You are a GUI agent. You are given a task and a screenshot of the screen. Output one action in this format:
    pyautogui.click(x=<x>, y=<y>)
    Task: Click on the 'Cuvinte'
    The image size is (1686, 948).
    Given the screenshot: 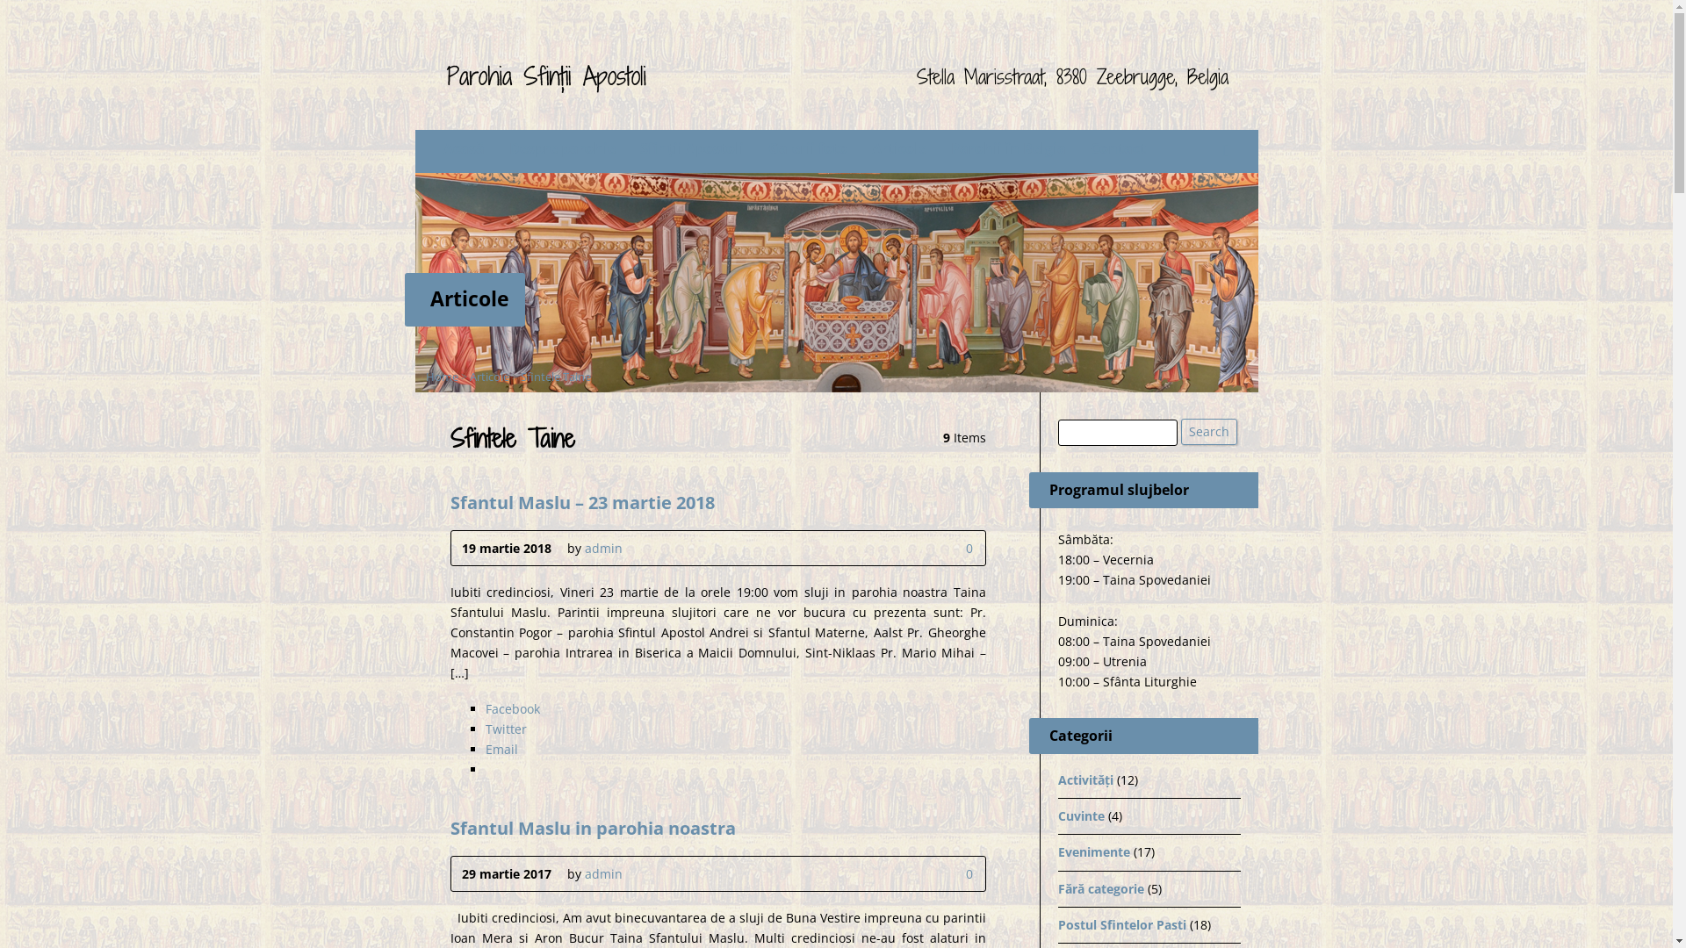 What is the action you would take?
    pyautogui.click(x=1079, y=815)
    